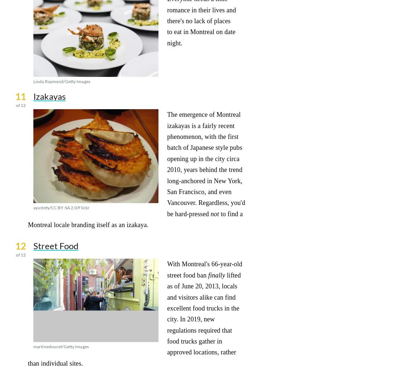 Image resolution: width=417 pixels, height=370 pixels. Describe the element at coordinates (135, 219) in the screenshot. I see `'to find a Montreal locale branding itself as an izakaya.'` at that location.